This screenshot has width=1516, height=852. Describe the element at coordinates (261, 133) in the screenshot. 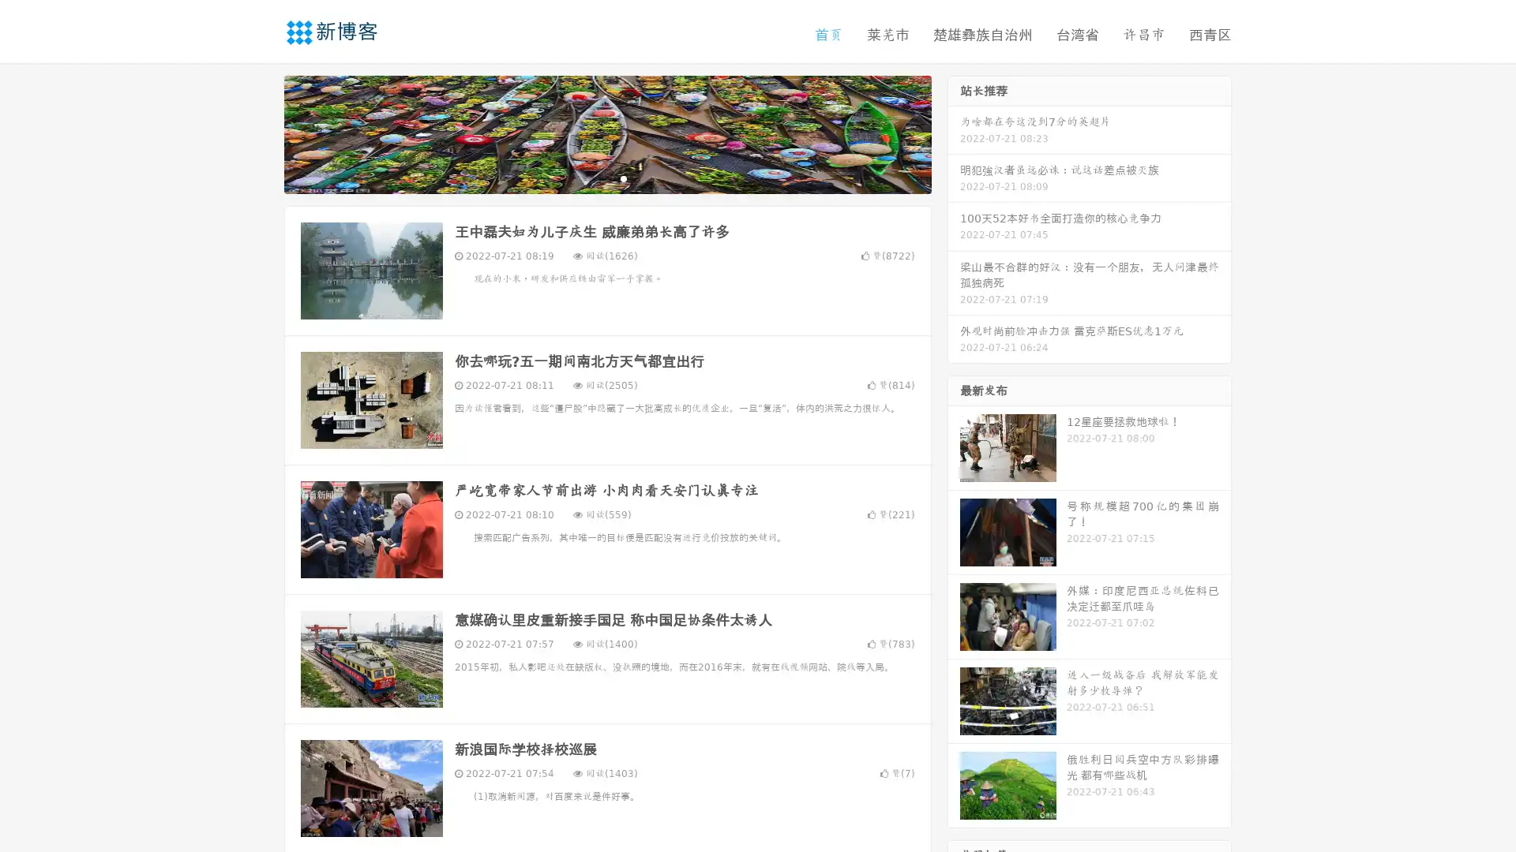

I see `Previous slide` at that location.